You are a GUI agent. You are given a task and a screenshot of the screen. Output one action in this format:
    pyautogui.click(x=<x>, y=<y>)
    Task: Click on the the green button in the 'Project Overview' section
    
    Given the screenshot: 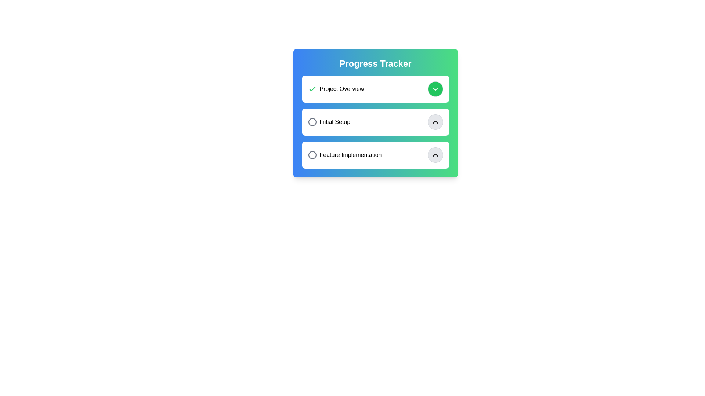 What is the action you would take?
    pyautogui.click(x=375, y=89)
    